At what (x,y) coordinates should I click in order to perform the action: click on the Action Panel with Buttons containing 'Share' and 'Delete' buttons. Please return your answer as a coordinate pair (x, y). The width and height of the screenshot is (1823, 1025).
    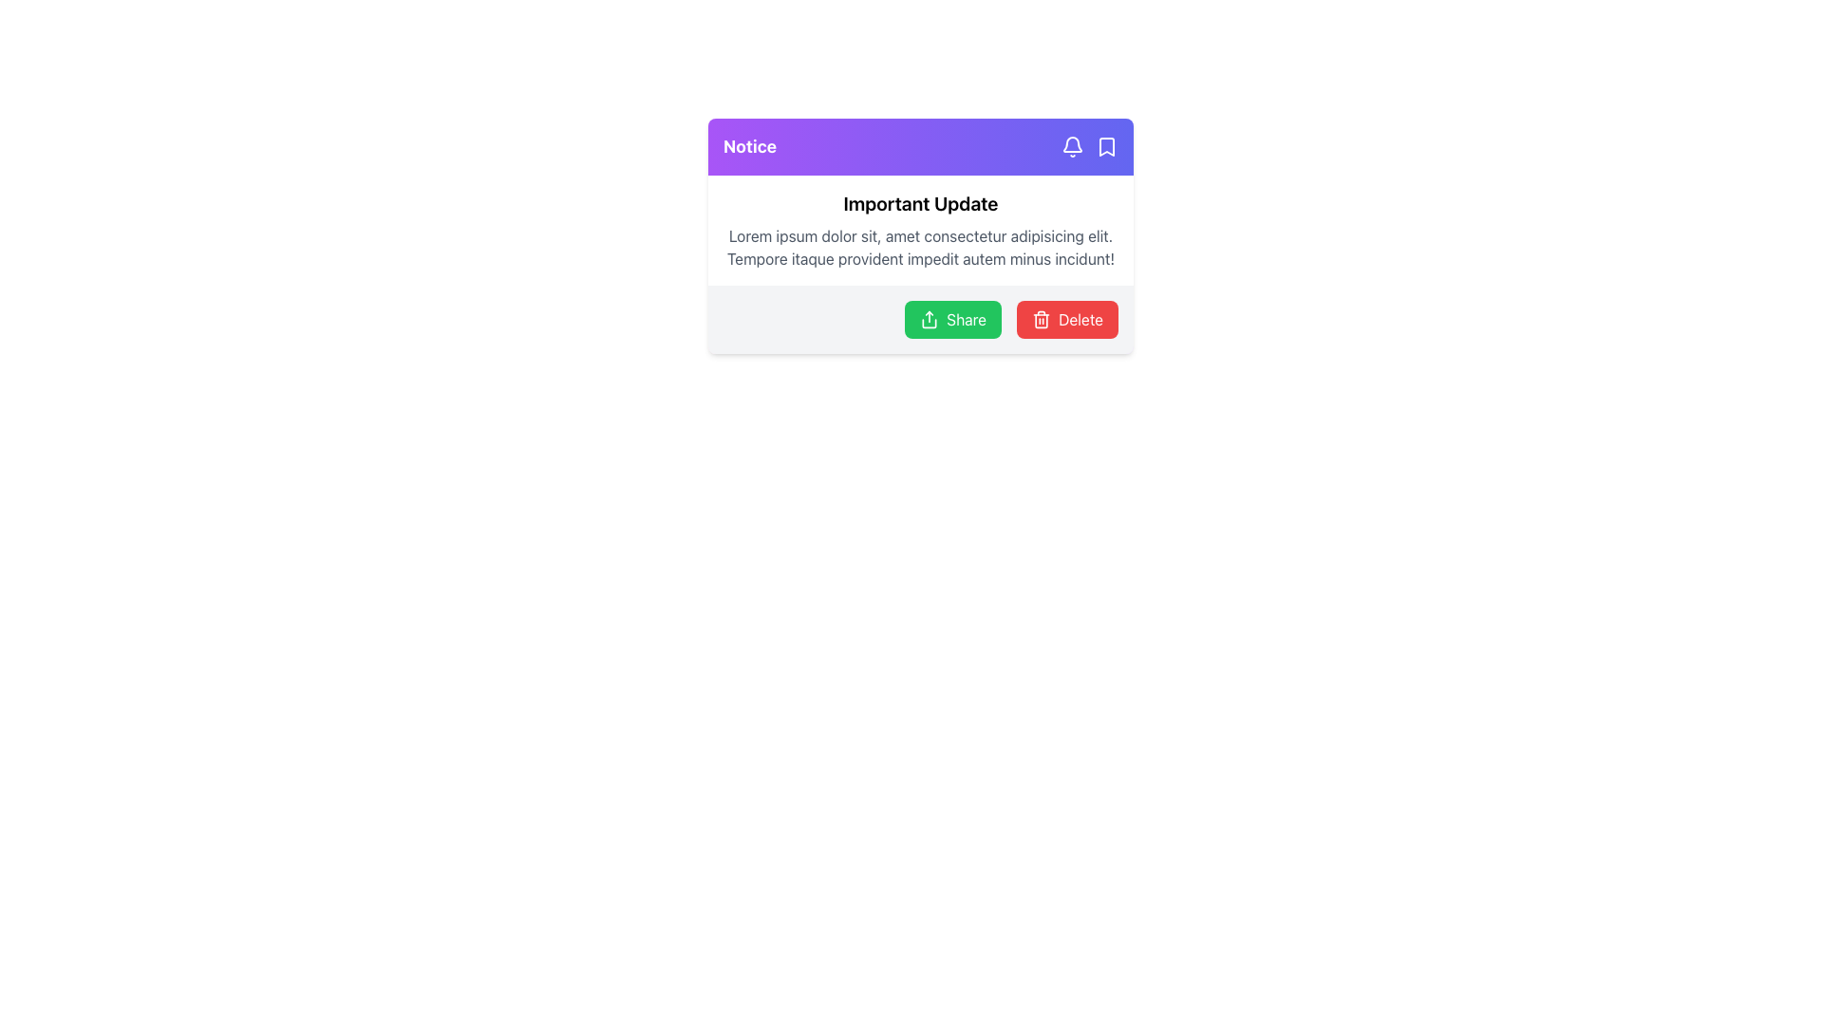
    Looking at the image, I should click on (920, 318).